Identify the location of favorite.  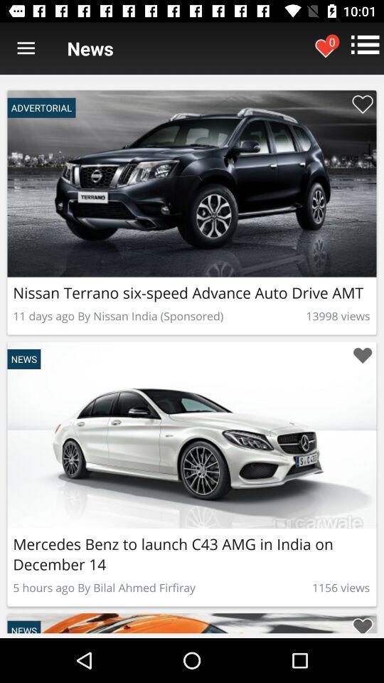
(362, 103).